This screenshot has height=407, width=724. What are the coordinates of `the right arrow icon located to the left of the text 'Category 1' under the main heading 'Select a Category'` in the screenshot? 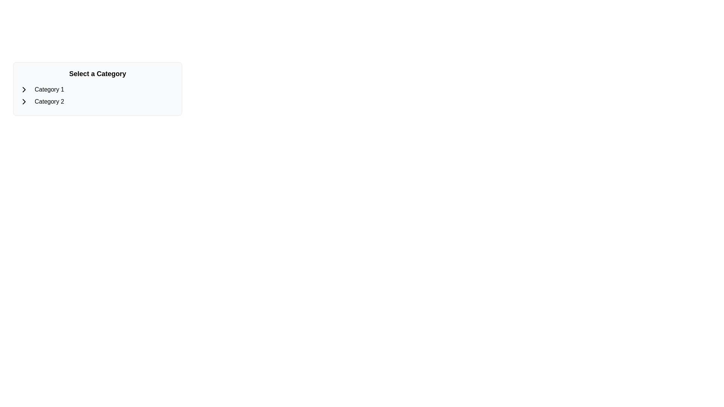 It's located at (24, 89).